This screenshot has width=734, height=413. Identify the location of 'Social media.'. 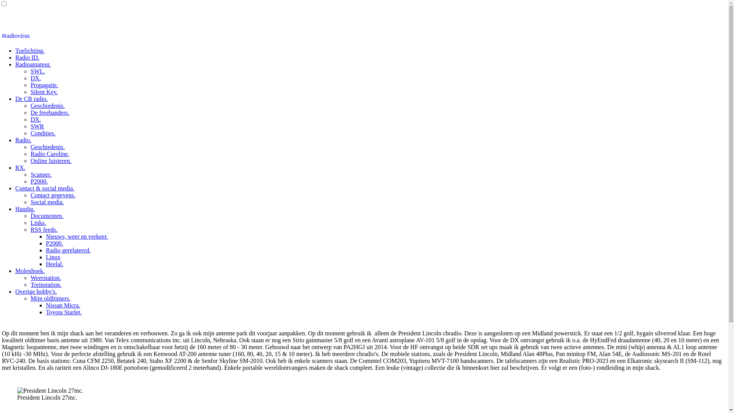
(47, 202).